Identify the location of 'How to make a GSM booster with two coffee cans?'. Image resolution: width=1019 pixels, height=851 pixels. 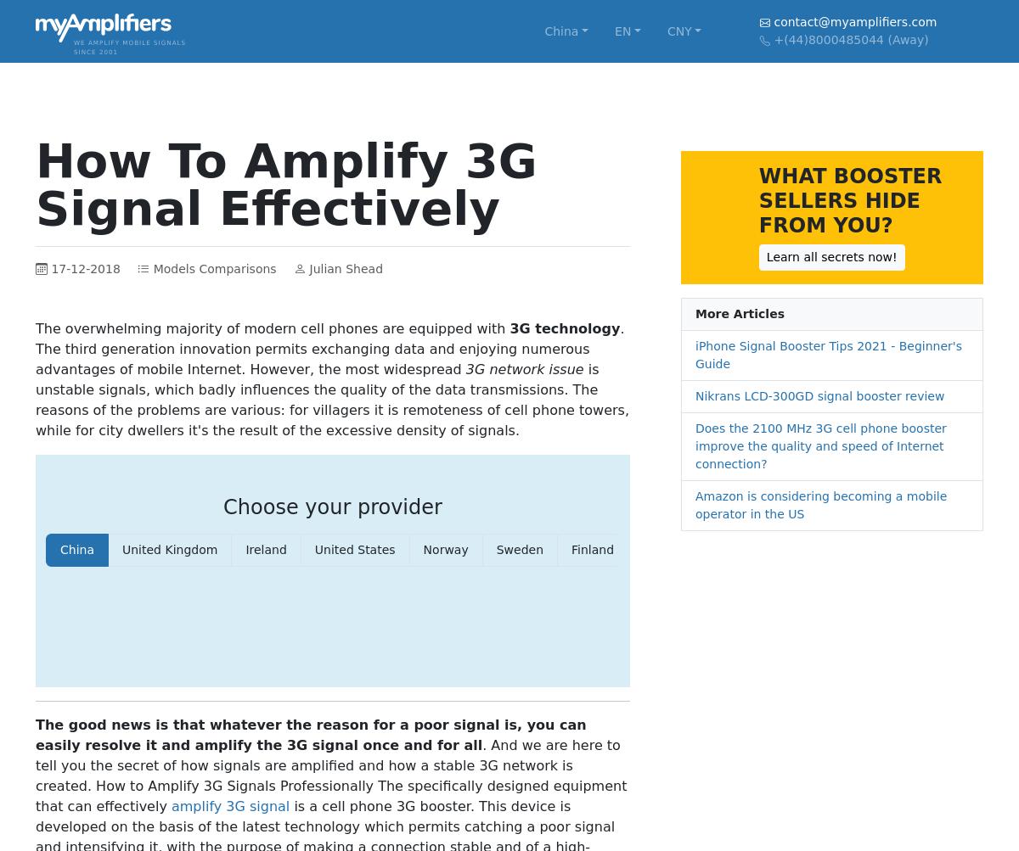
(144, 541).